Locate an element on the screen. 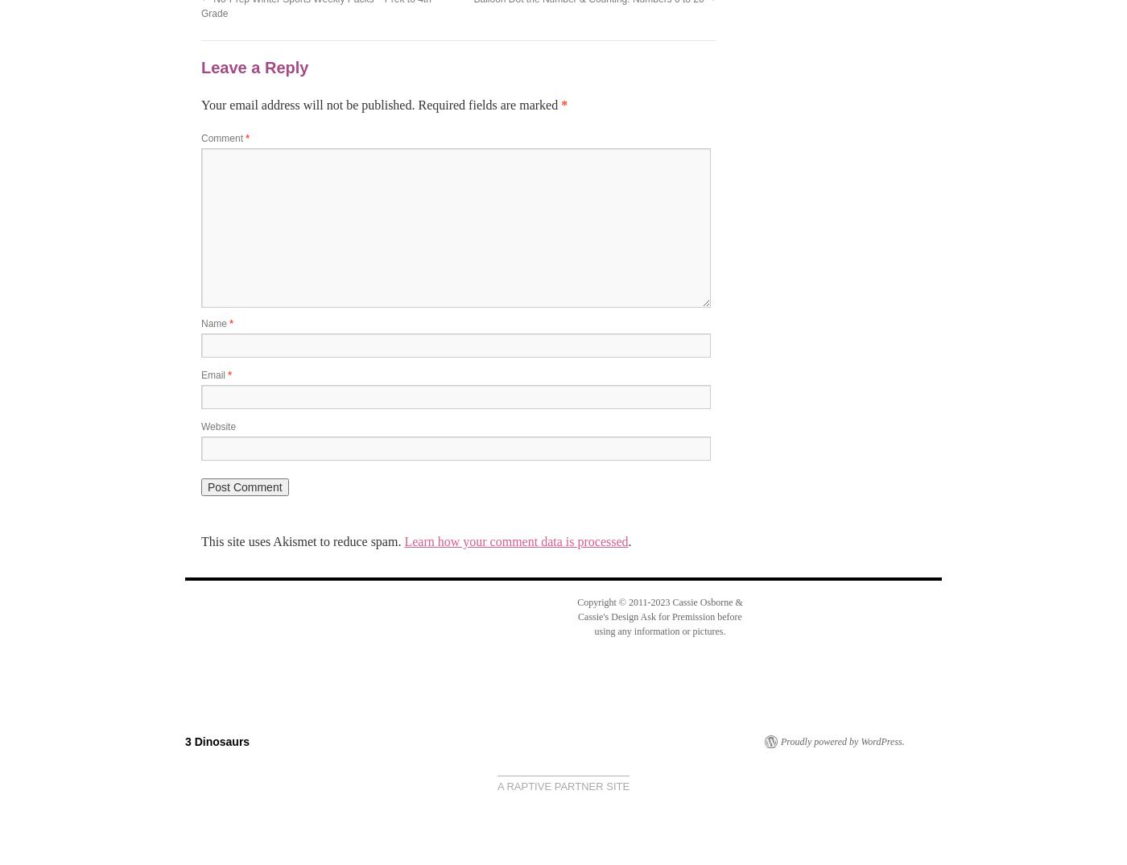 This screenshot has height=865, width=1127. 'Name' is located at coordinates (215, 323).